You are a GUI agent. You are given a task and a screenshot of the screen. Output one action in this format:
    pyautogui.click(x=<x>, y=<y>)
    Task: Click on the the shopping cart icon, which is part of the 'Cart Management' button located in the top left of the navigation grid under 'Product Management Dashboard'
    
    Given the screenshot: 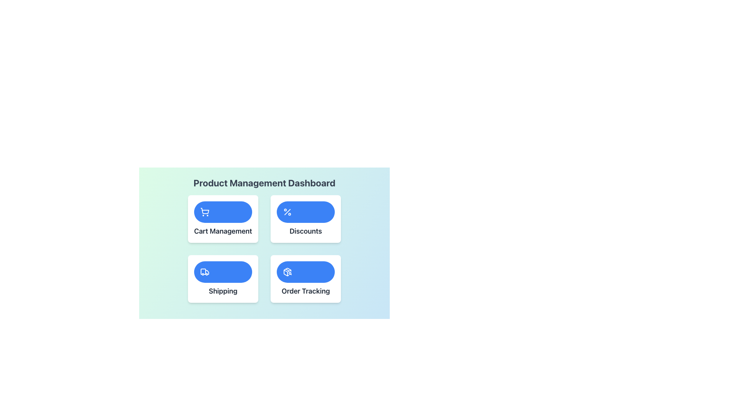 What is the action you would take?
    pyautogui.click(x=204, y=212)
    